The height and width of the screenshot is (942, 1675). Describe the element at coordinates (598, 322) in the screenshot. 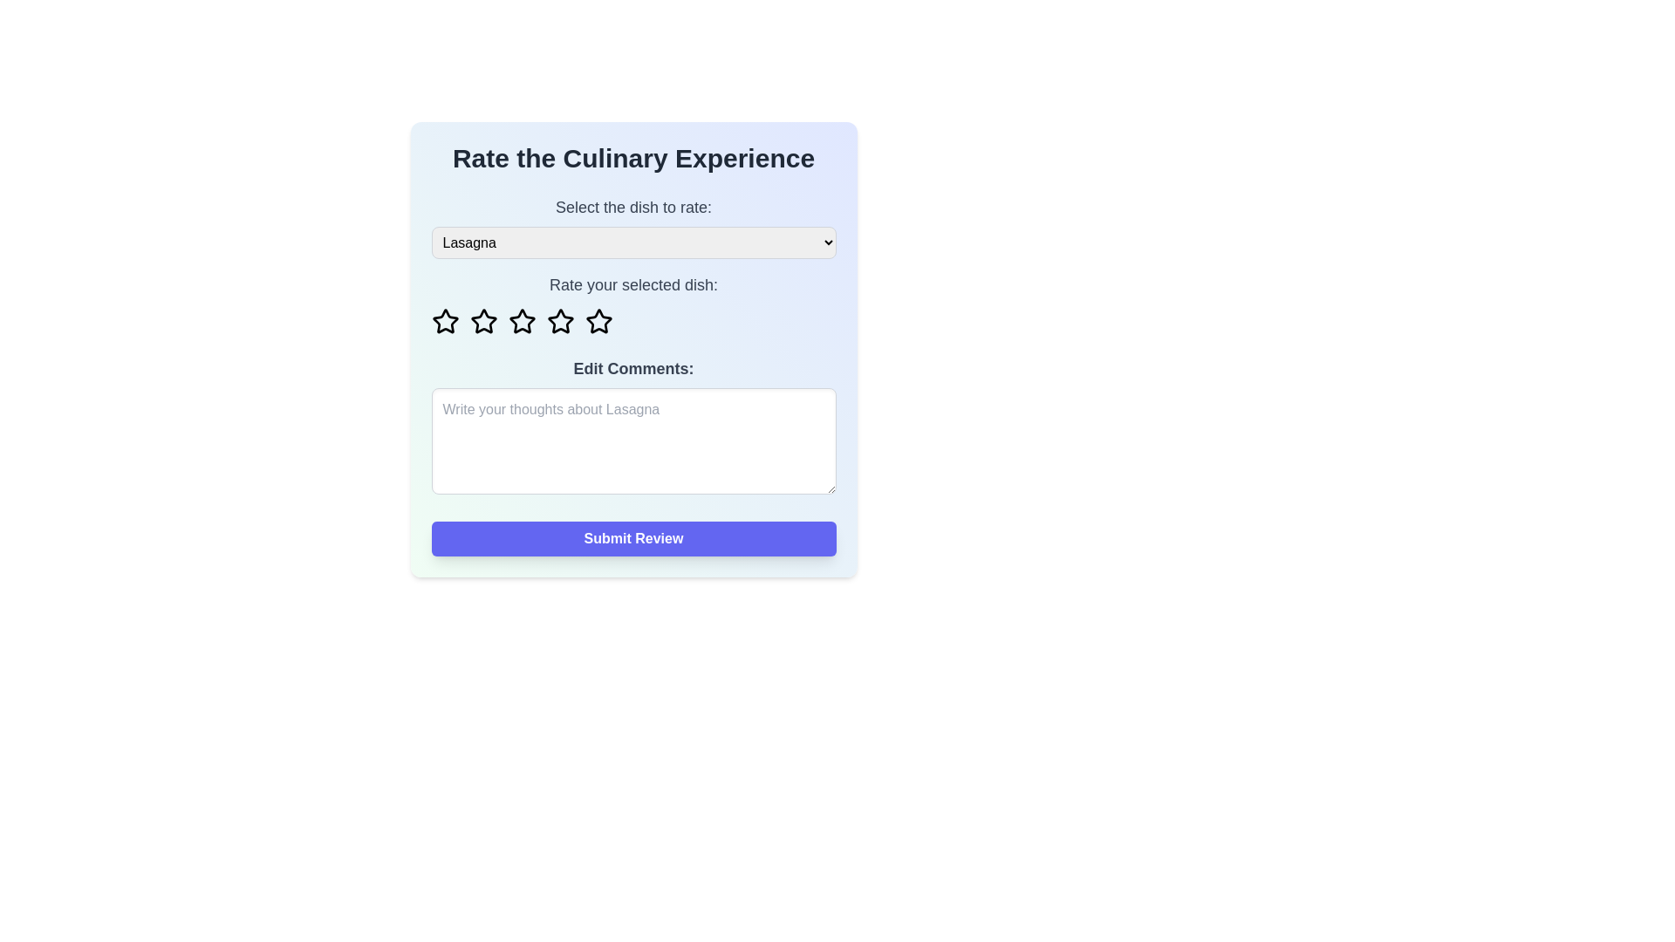

I see `the fifth star icon in the rating system, located below the label 'Rate your selected dish:'` at that location.